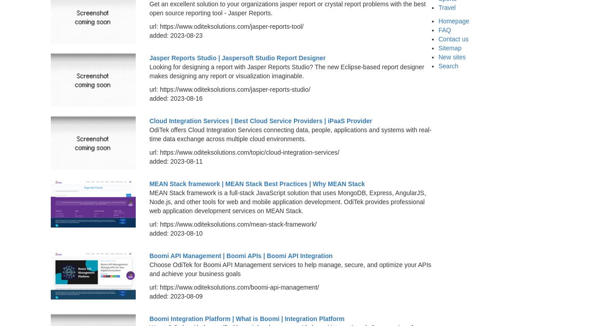 Image resolution: width=614 pixels, height=326 pixels. I want to click on 'MEAN Stack framework is a full-stack JavaScript solution that uses MongoDB, Express, AngularJS, Node.js, and other tools for web and mobile application development. OdiTek provides professional web application development services on MEAN Stack.', so click(149, 201).